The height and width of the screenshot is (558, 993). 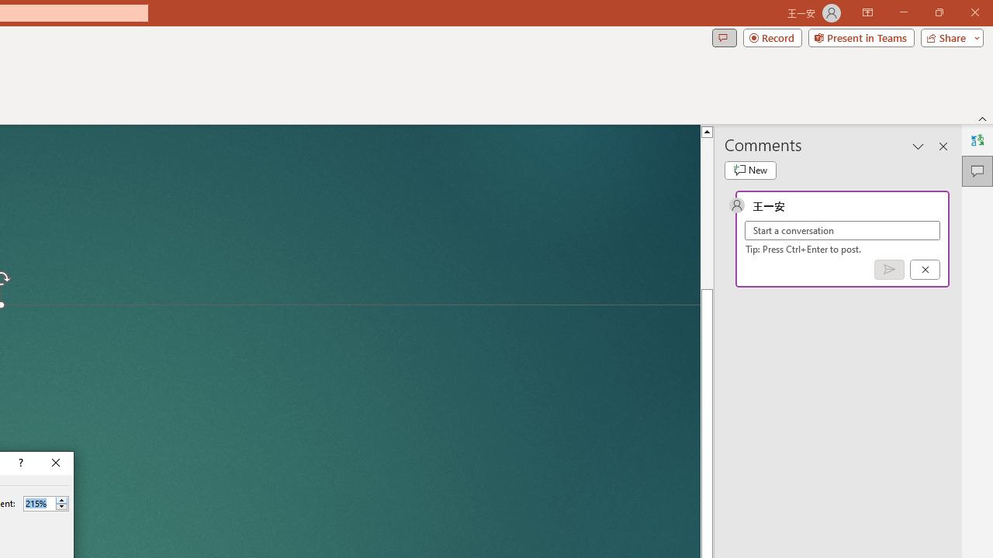 I want to click on 'New comment', so click(x=750, y=170).